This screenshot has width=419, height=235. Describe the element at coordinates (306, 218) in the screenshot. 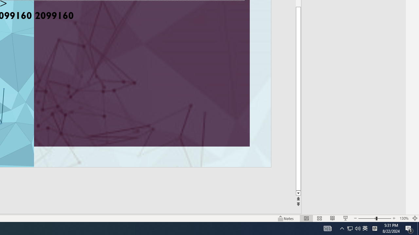

I see `'Normal'` at that location.